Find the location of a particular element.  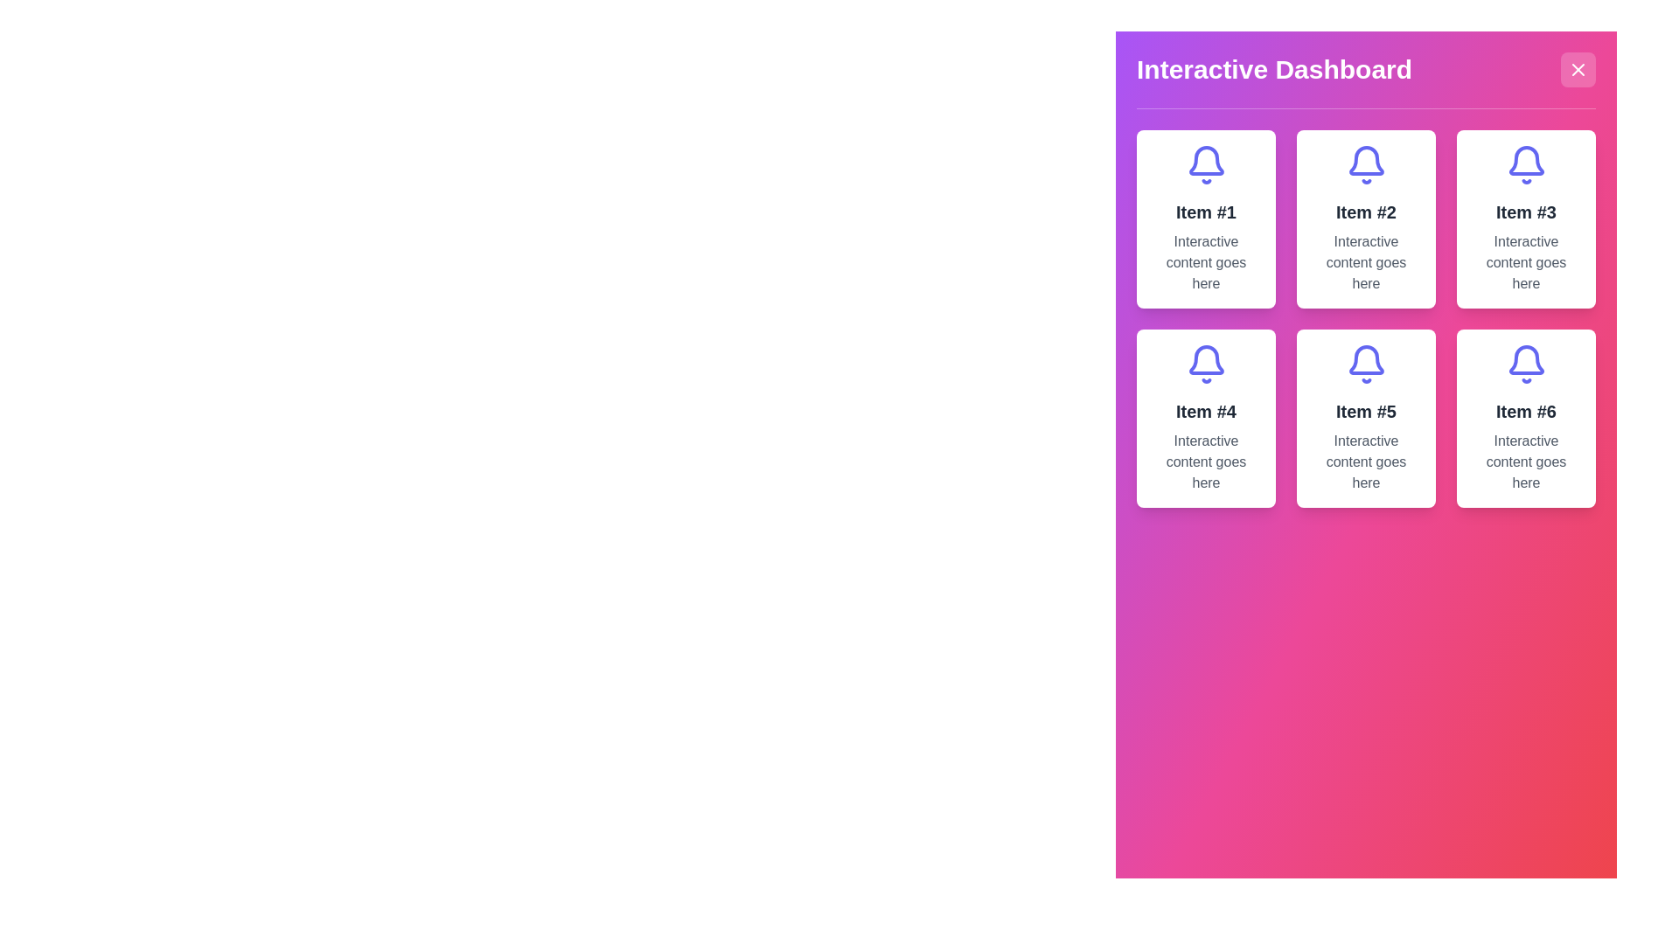

the card is located at coordinates (1525, 212).